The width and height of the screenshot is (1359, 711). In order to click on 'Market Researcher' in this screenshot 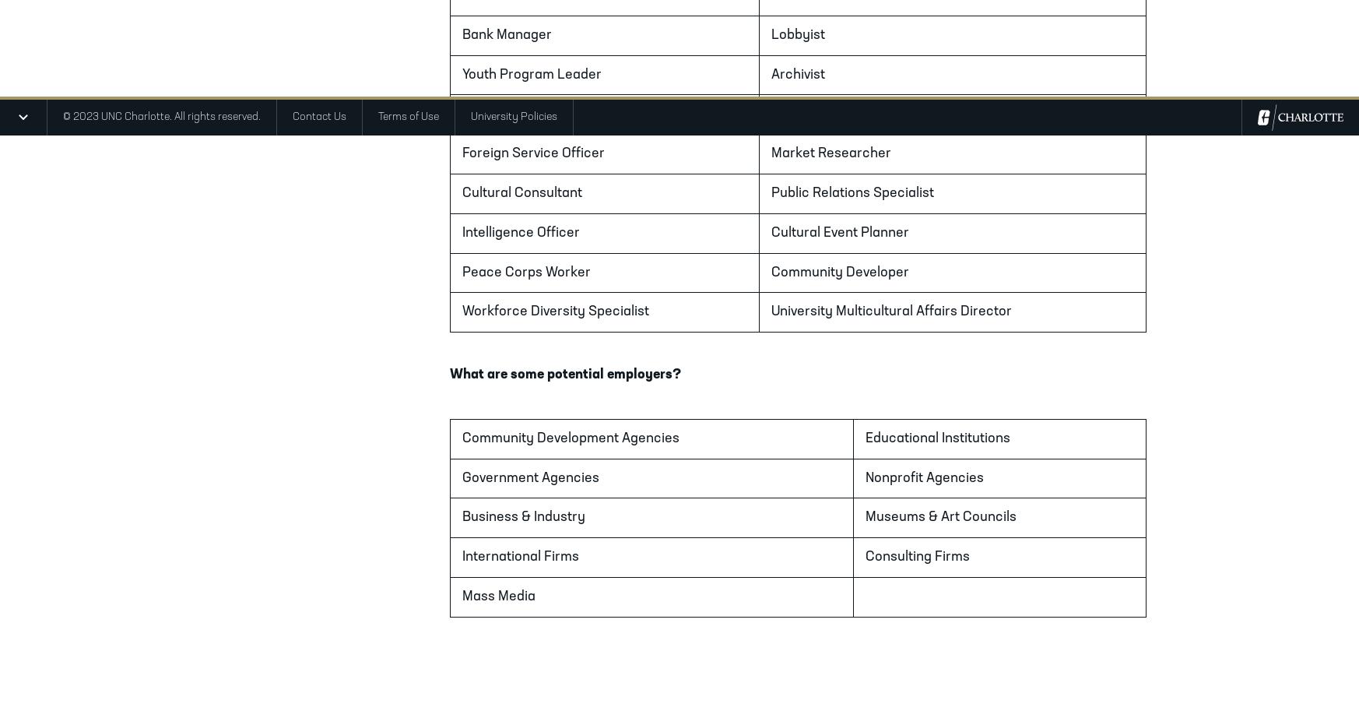, I will do `click(770, 153)`.